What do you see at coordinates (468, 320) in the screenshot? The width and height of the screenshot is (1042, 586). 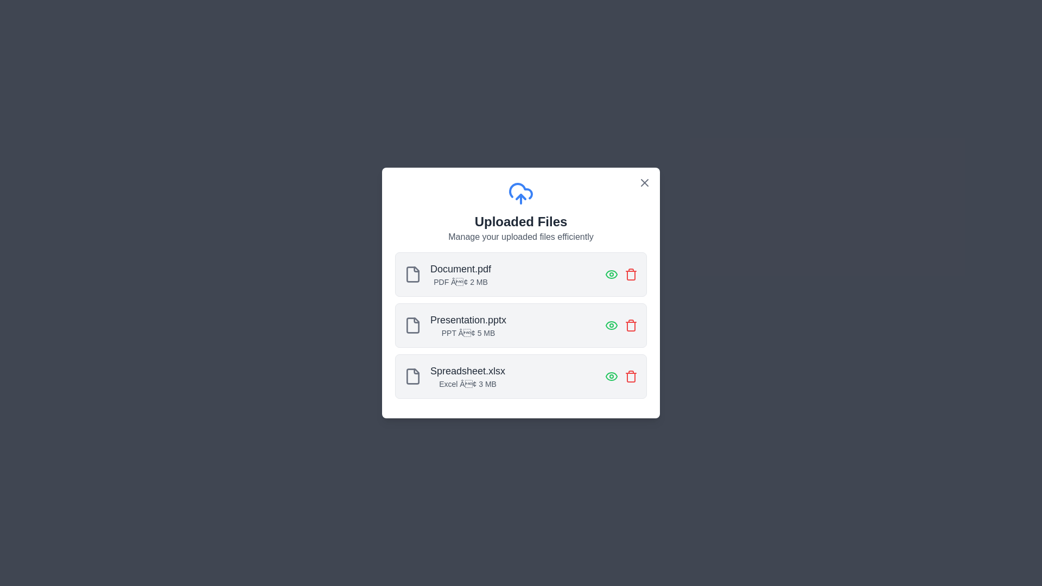 I see `the text label identifying the file 'Presentation.pptx' in the list of uploaded files` at bounding box center [468, 320].